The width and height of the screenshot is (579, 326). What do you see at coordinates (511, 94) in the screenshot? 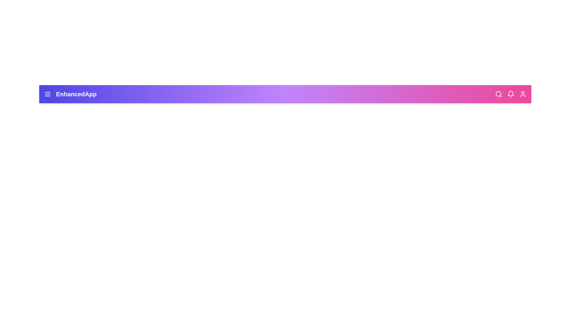
I see `the notification bell icon to view notifications` at bounding box center [511, 94].